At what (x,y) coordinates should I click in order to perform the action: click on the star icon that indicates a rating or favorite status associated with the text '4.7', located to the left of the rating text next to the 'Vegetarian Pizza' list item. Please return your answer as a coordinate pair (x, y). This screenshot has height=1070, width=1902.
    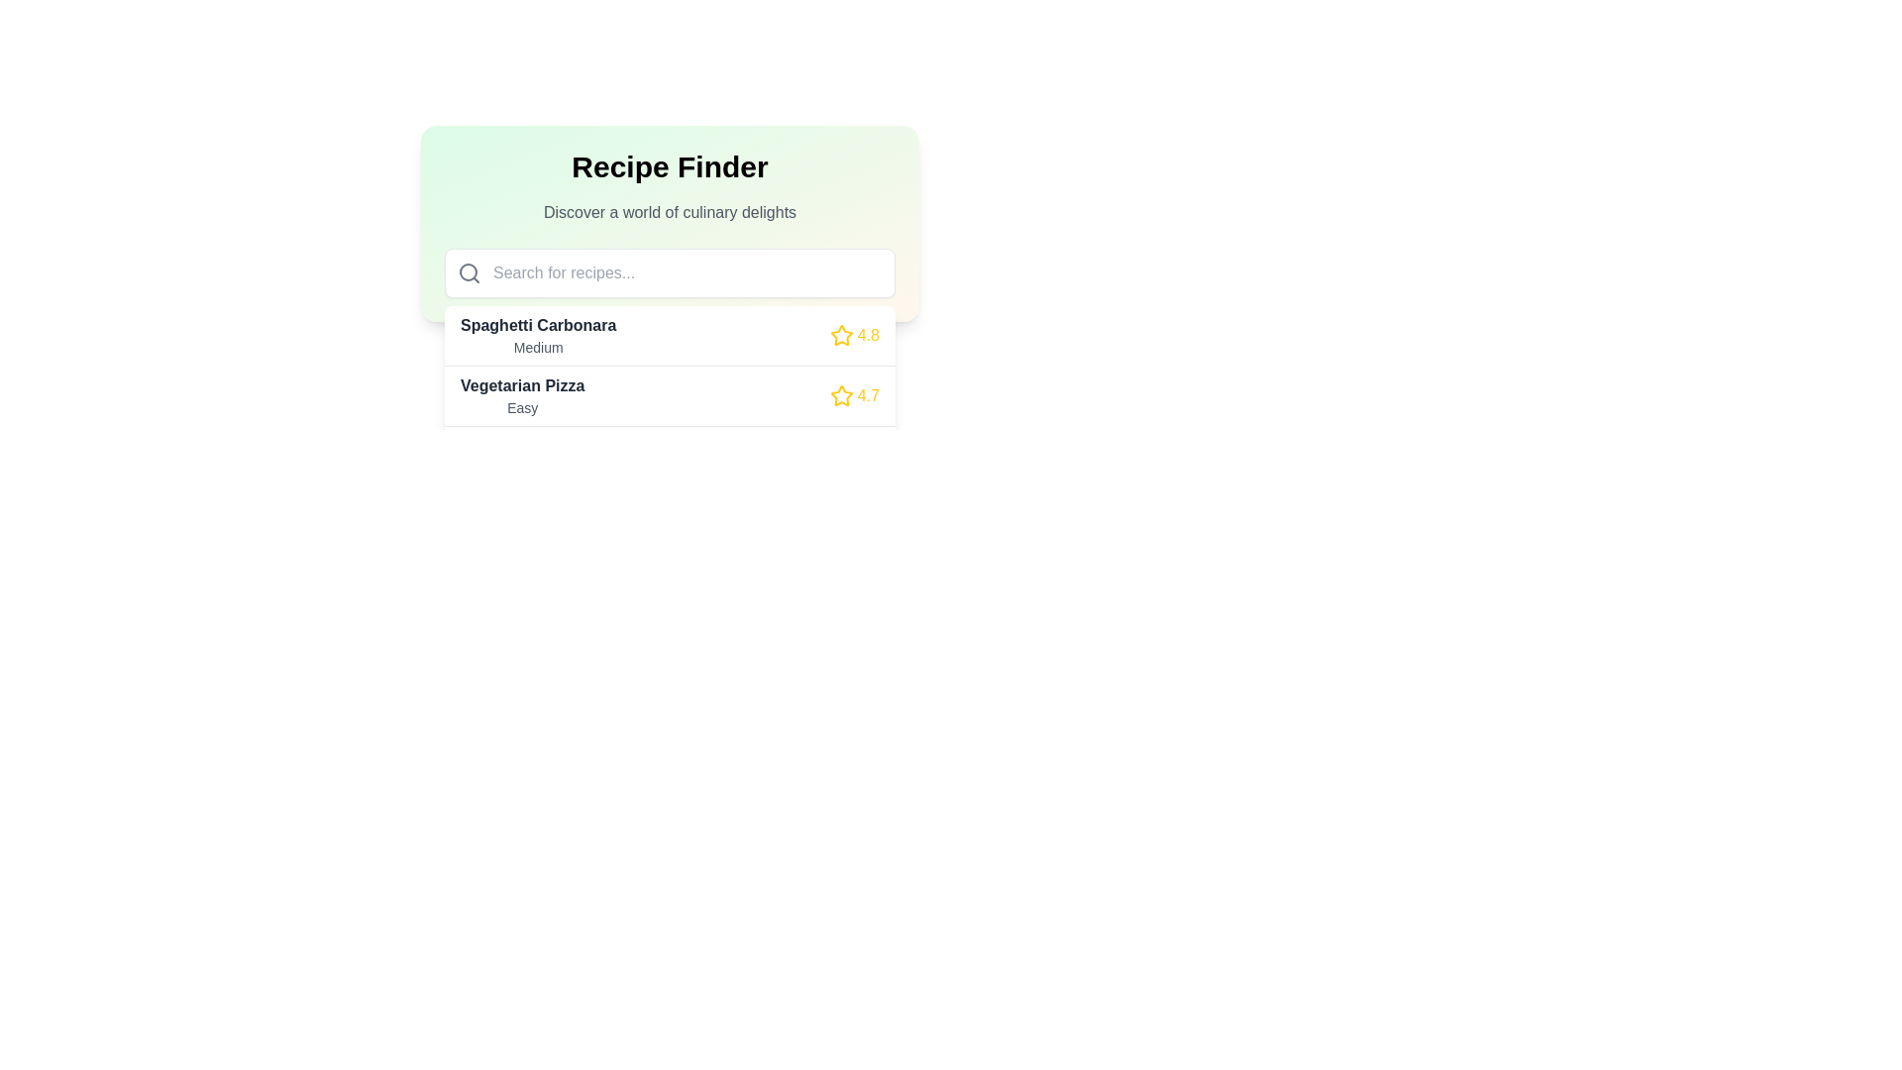
    Looking at the image, I should click on (841, 396).